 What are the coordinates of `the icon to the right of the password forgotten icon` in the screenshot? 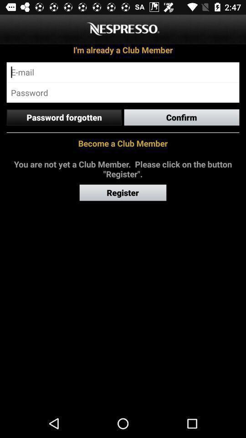 It's located at (182, 117).